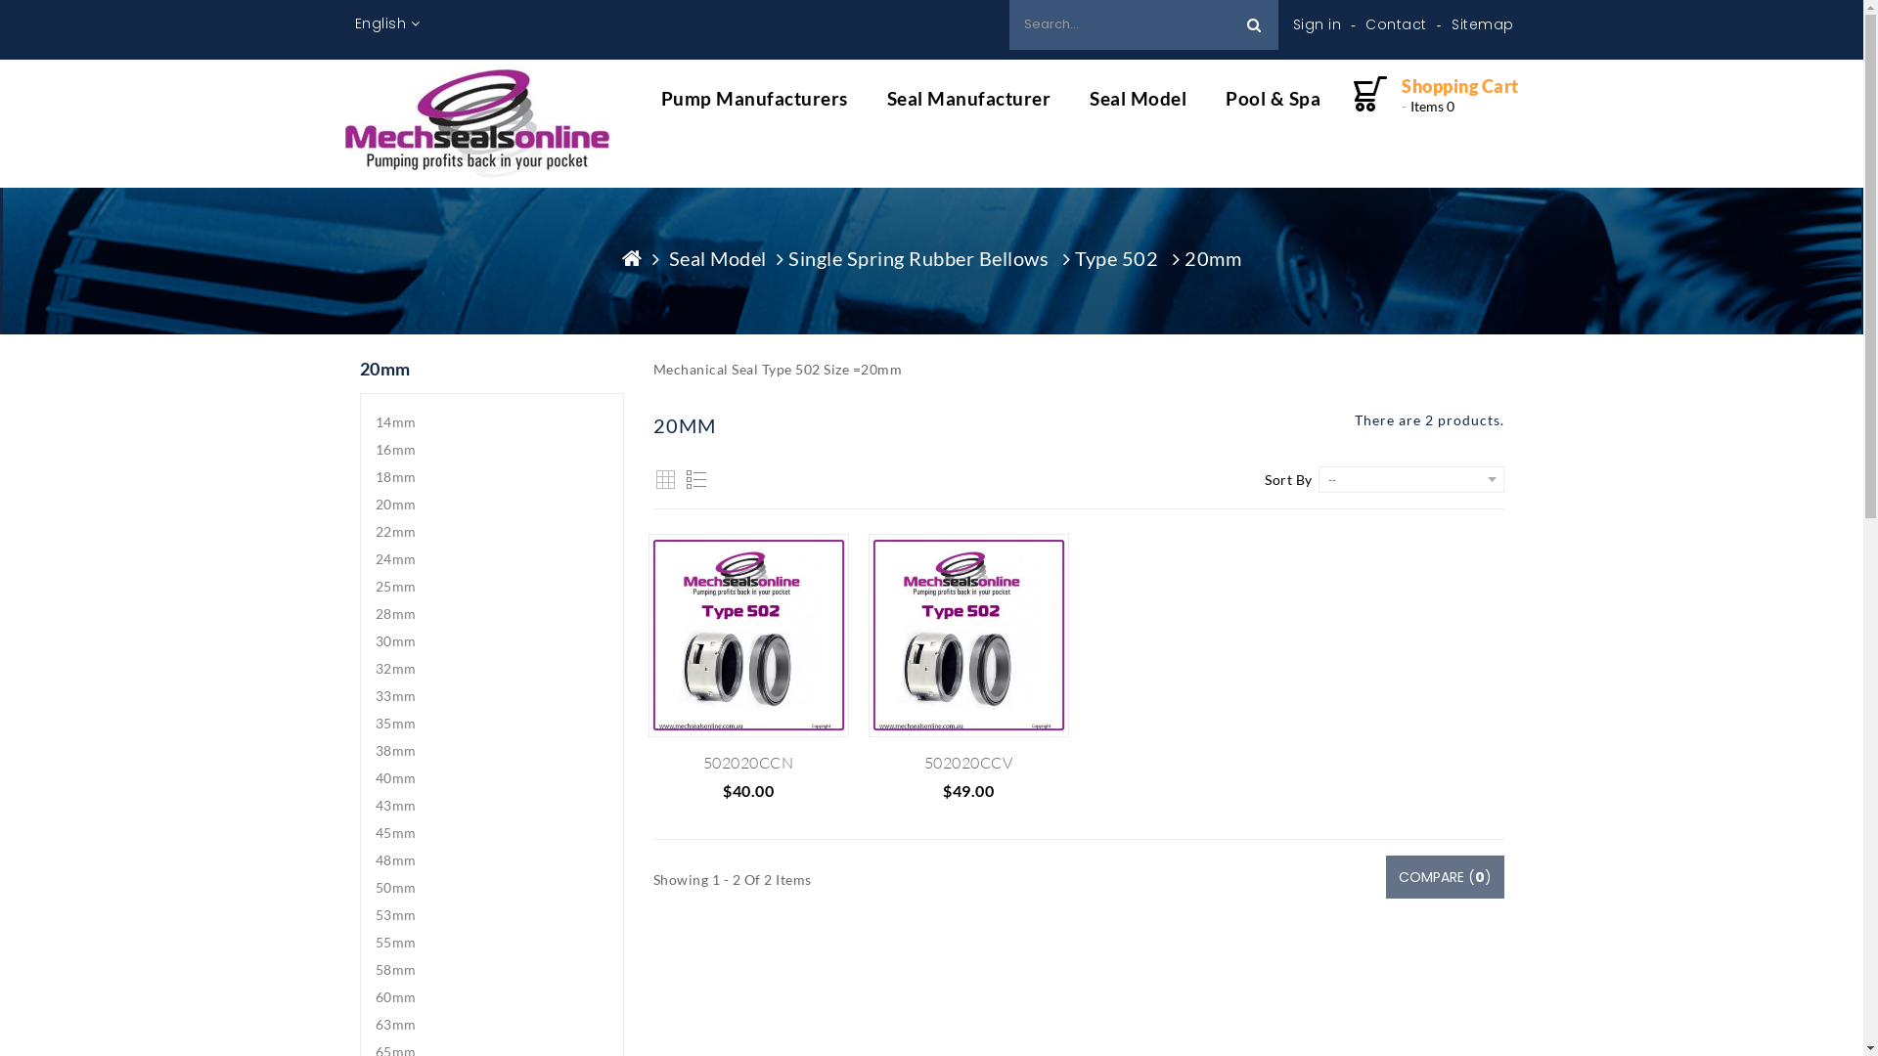 Image resolution: width=1878 pixels, height=1056 pixels. Describe the element at coordinates (376, 776) in the screenshot. I see `'40mm'` at that location.